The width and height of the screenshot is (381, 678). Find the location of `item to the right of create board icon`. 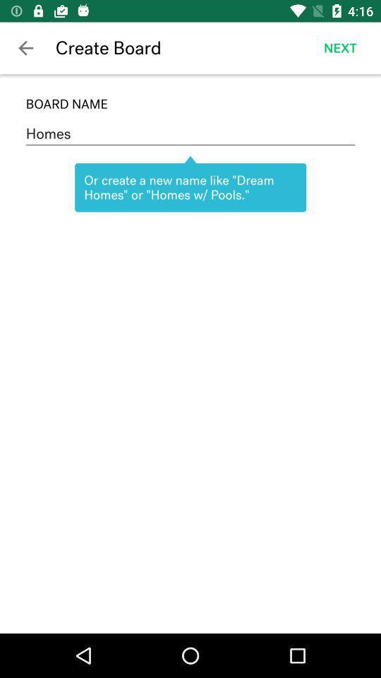

item to the right of create board icon is located at coordinates (339, 48).